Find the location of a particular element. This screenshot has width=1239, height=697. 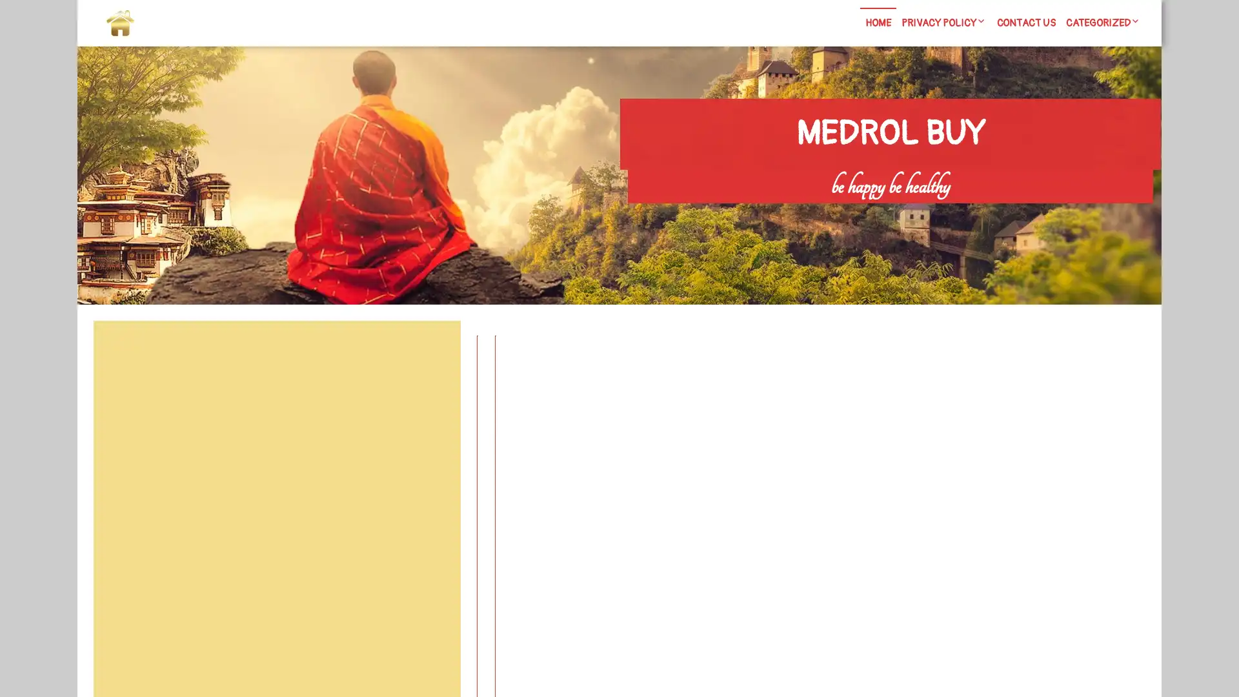

Search is located at coordinates (1005, 211).